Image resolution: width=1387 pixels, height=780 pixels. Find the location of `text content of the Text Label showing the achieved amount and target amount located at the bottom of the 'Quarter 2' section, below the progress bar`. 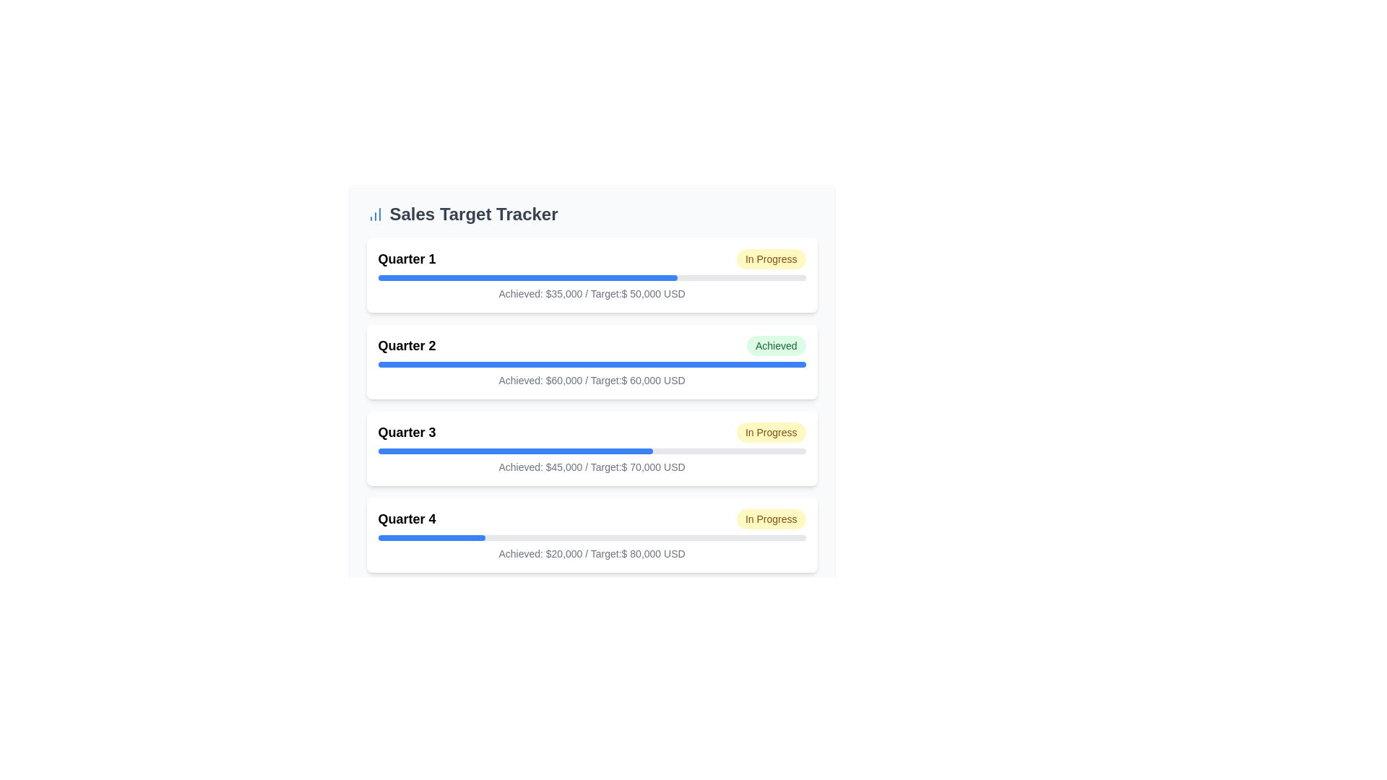

text content of the Text Label showing the achieved amount and target amount located at the bottom of the 'Quarter 2' section, below the progress bar is located at coordinates (592, 380).